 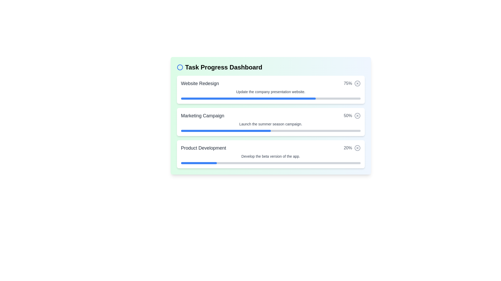 I want to click on the progress level of the Progress Bar indicating 20% completion for the 'Product Development' project, located at the bottom of the card beneath the description text, so click(x=271, y=163).